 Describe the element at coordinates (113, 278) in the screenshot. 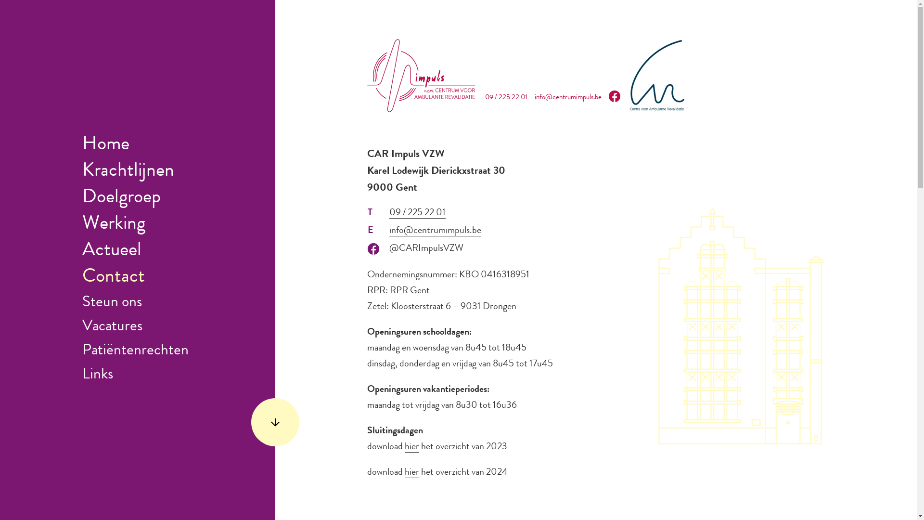

I see `'Contact'` at that location.